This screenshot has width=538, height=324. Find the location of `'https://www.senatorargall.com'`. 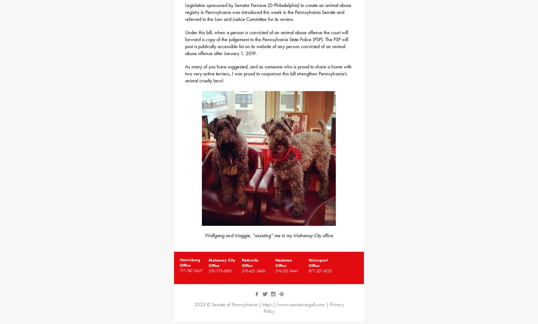

'https://www.senatorargall.com' is located at coordinates (262, 304).